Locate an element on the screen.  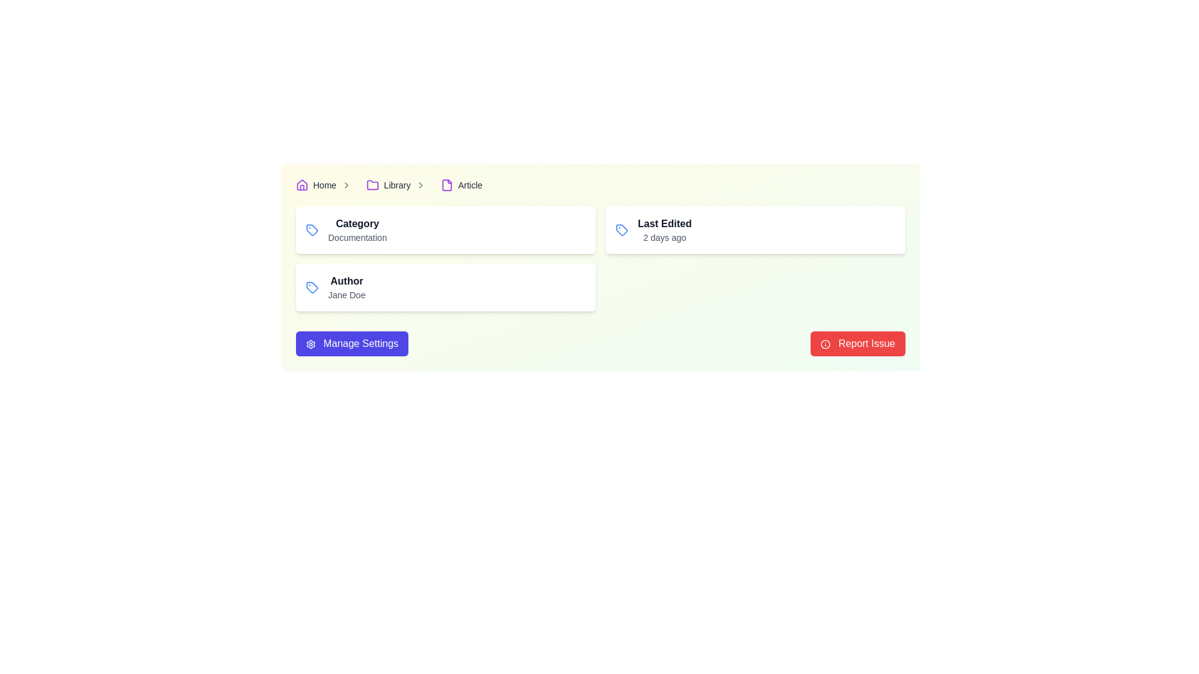
the 'Report Issue' button, which is a rectangular button with bold white text on a red background, featuring an information icon to the left is located at coordinates (857, 344).